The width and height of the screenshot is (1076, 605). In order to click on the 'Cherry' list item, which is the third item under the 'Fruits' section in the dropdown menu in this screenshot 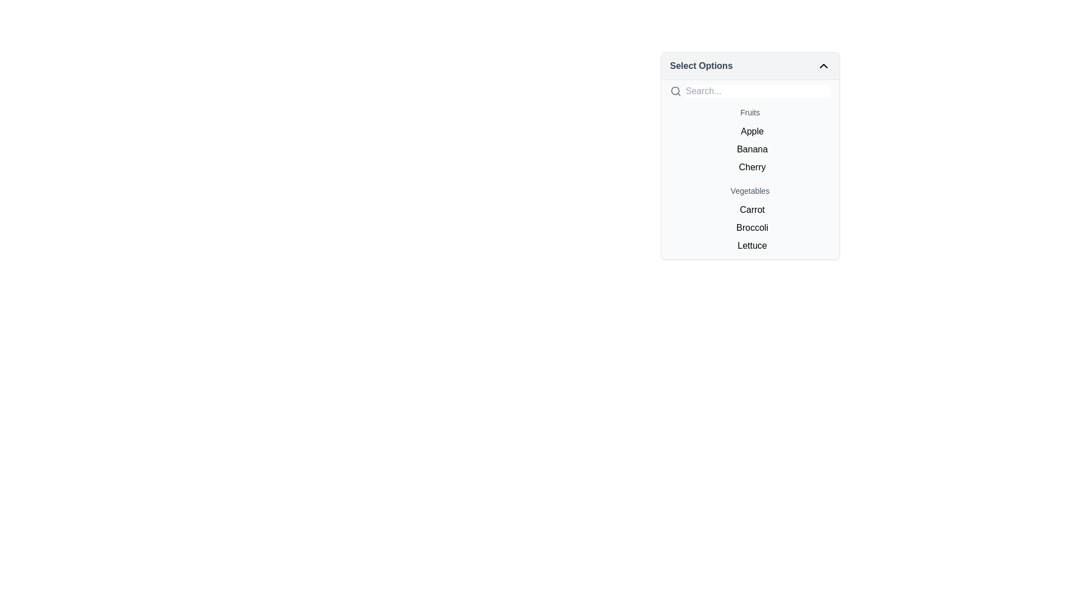, I will do `click(750, 180)`.